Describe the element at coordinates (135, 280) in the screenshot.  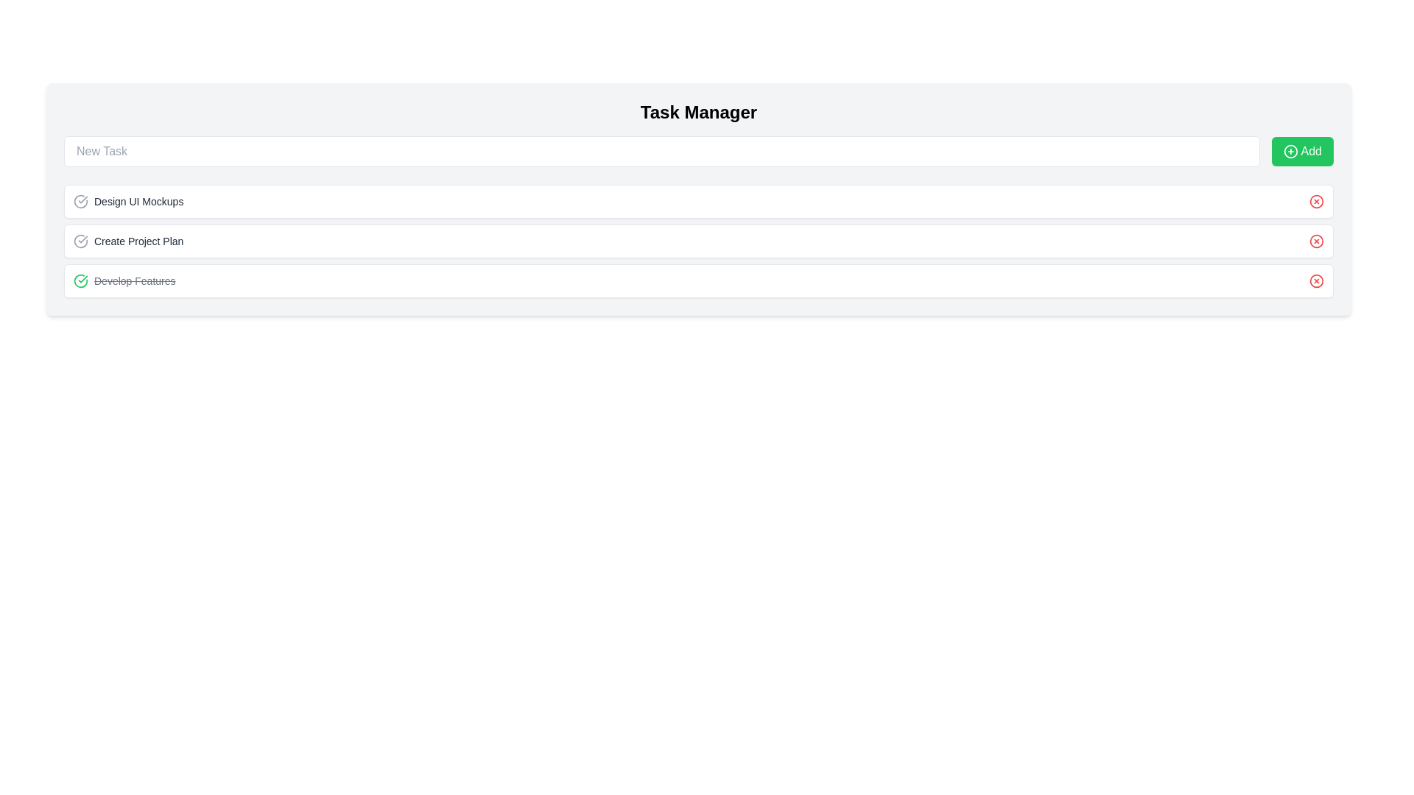
I see `the static text label indicating the completed task 'Develop Features' in the task management list` at that location.